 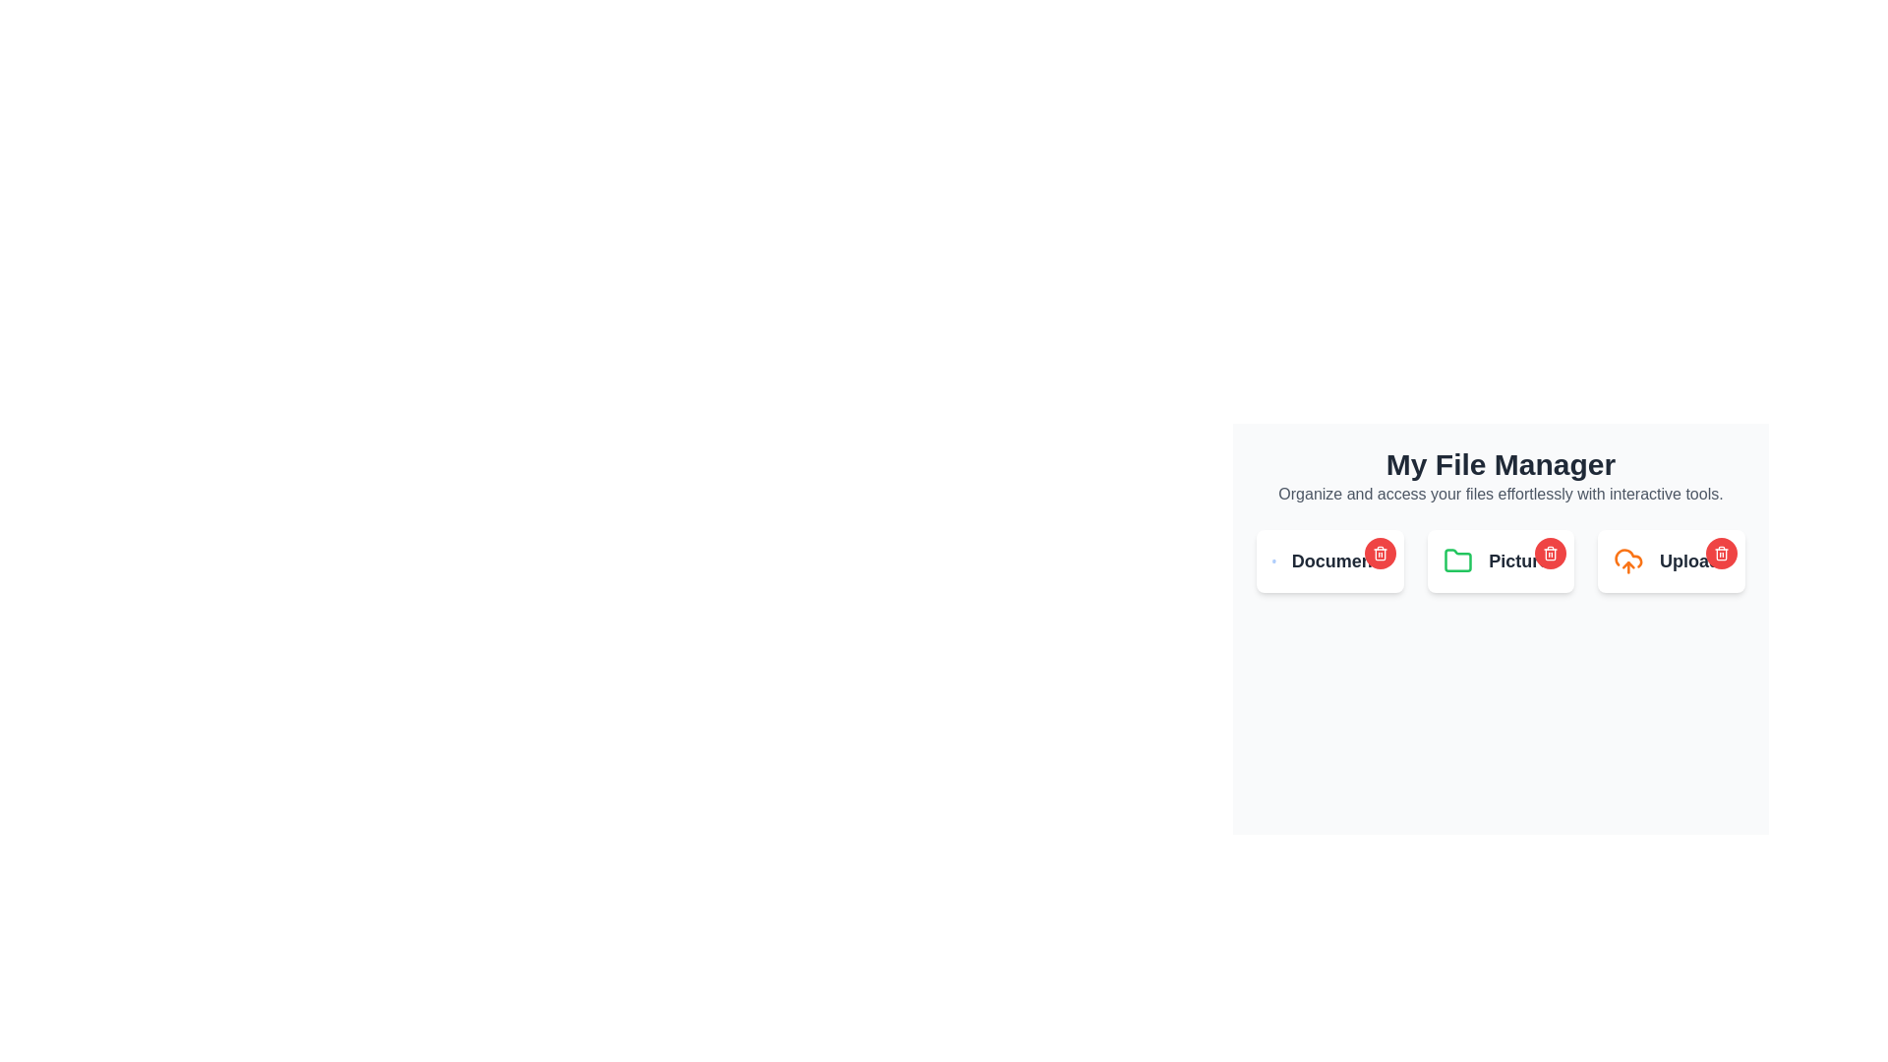 What do you see at coordinates (1379, 554) in the screenshot?
I see `the trash can icon located to the right of the 'Document' button` at bounding box center [1379, 554].